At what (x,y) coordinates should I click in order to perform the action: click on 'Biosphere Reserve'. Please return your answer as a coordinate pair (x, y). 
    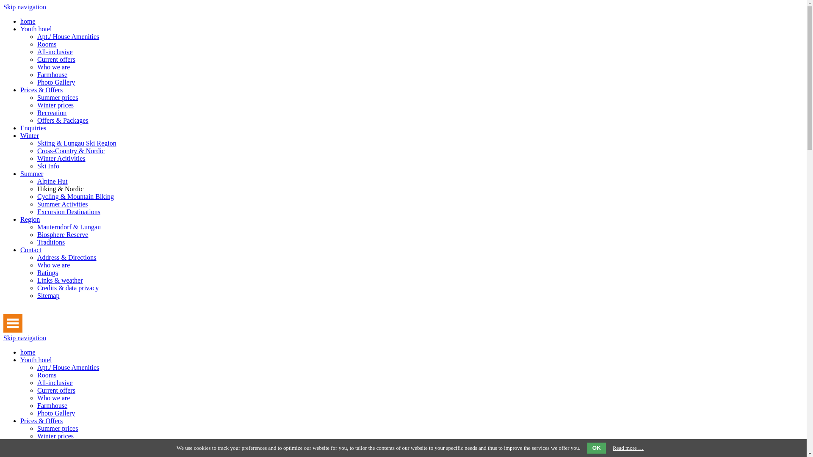
    Looking at the image, I should click on (62, 234).